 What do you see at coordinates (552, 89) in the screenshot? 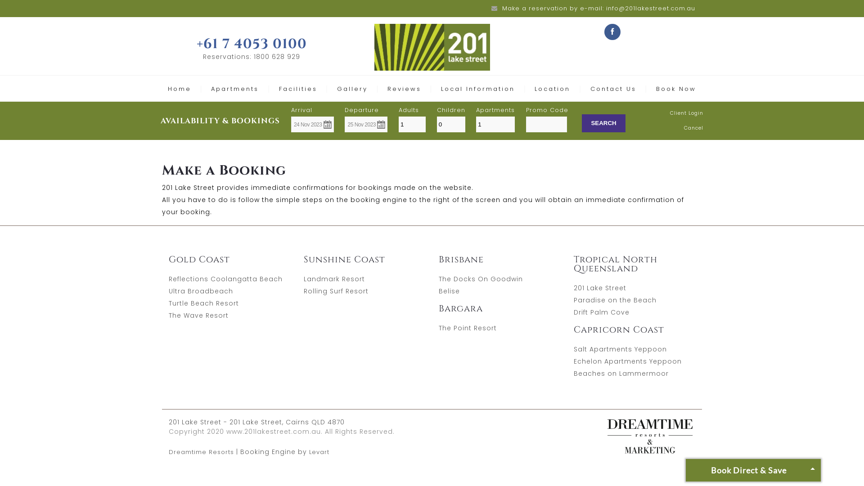
I see `'Location'` at bounding box center [552, 89].